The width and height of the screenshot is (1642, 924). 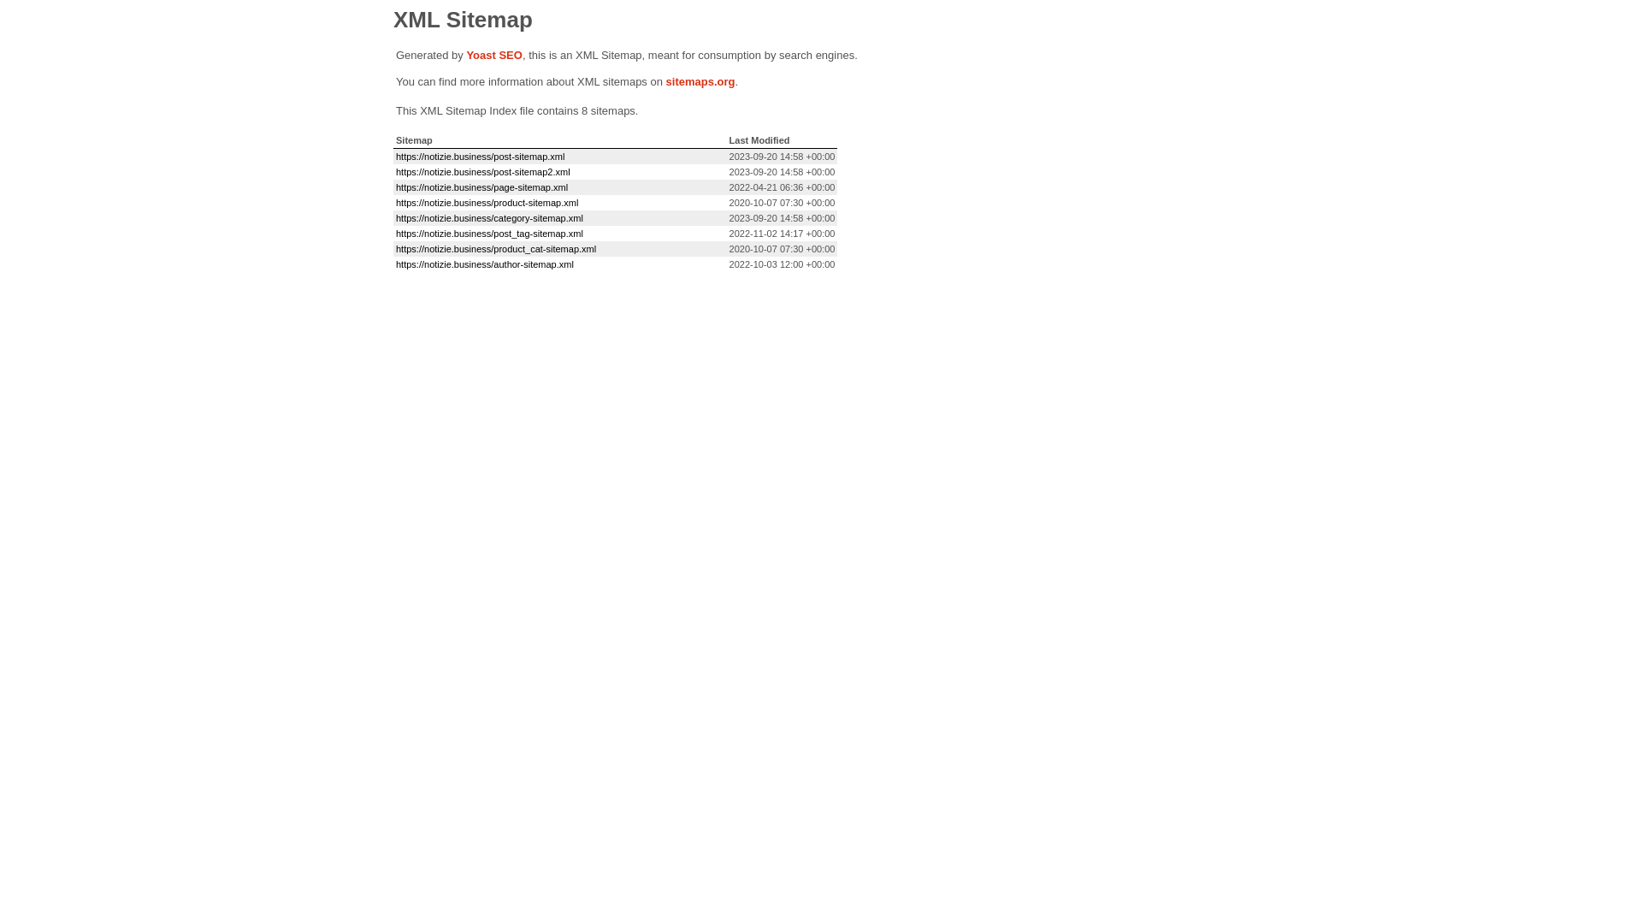 I want to click on 'https://notizie.business/product_cat-sitemap.xml', so click(x=495, y=248).